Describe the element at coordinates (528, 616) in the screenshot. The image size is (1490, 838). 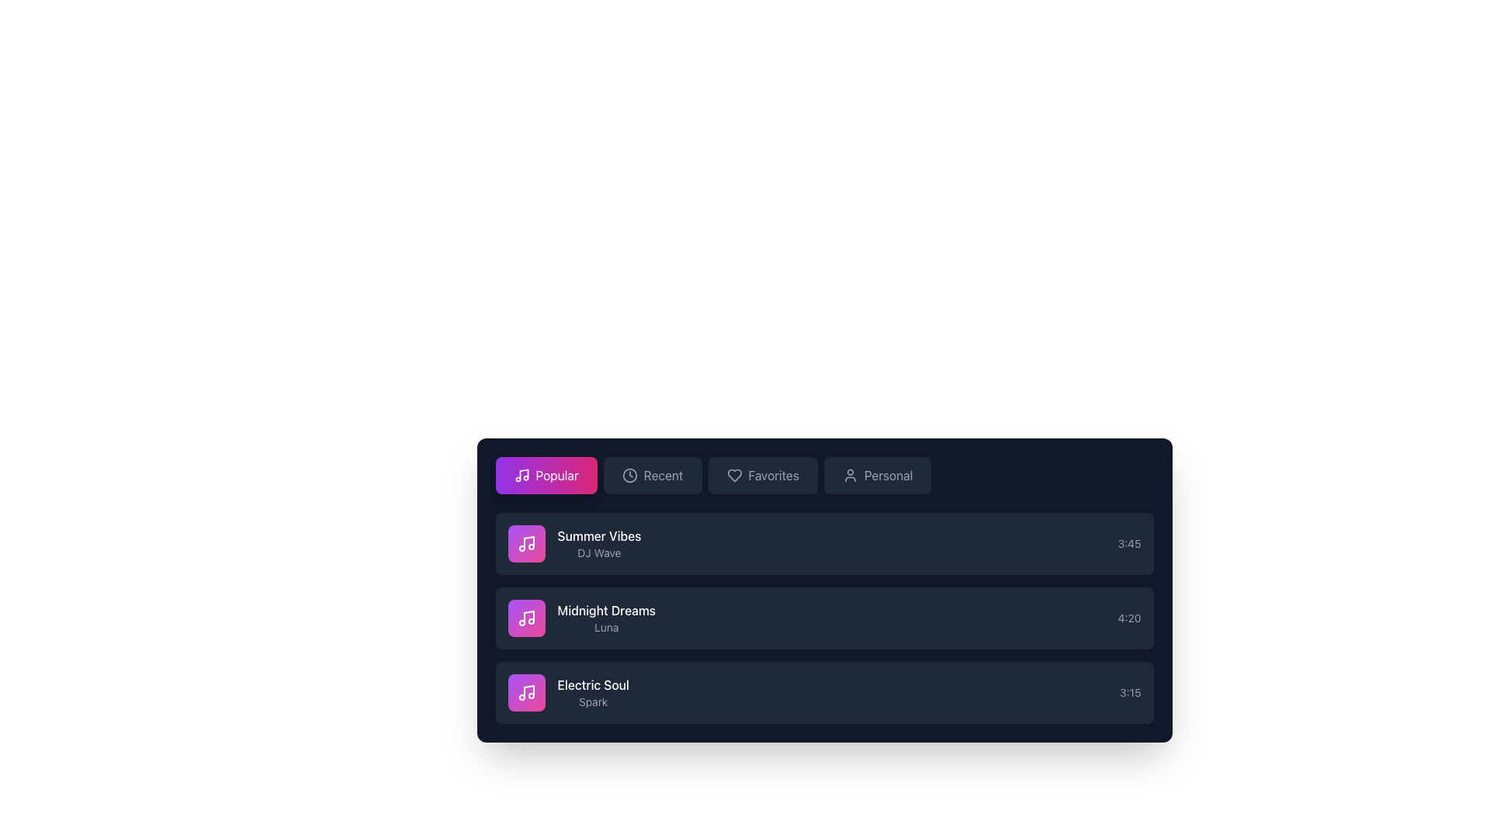
I see `the musical notes icon, which features a vertical note stem and a round note head, located to the left of the text 'Midnight Dreams' in the second list item of the playlist section` at that location.